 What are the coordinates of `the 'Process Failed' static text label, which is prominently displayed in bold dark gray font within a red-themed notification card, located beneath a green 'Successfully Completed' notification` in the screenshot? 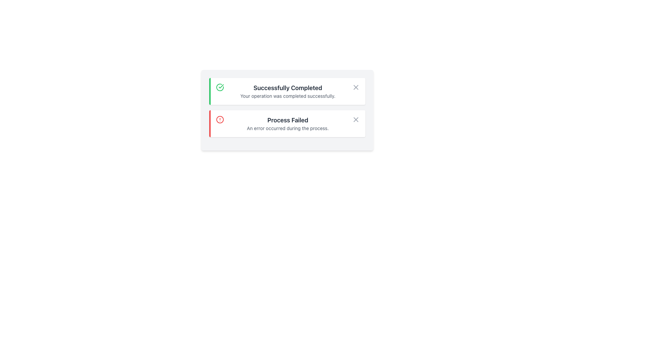 It's located at (288, 120).